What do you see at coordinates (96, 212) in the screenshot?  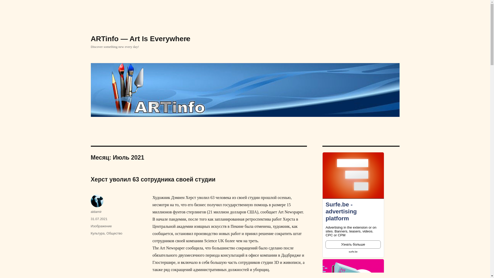 I see `'aldamir'` at bounding box center [96, 212].